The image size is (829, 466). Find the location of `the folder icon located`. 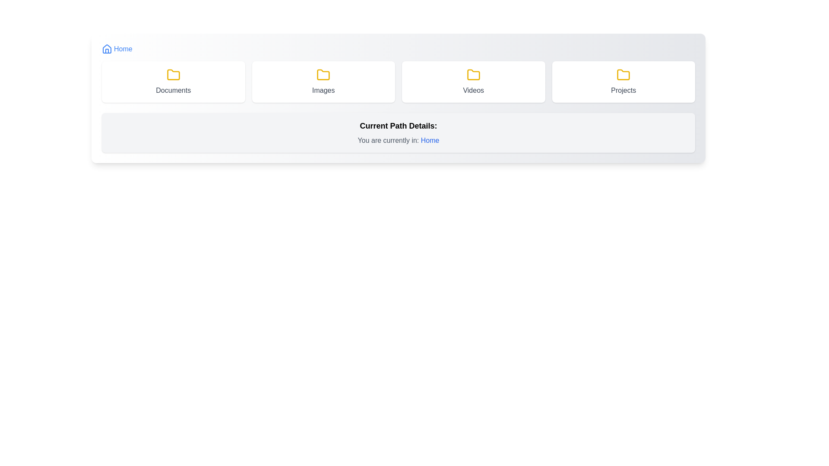

the folder icon located is located at coordinates (173, 74).